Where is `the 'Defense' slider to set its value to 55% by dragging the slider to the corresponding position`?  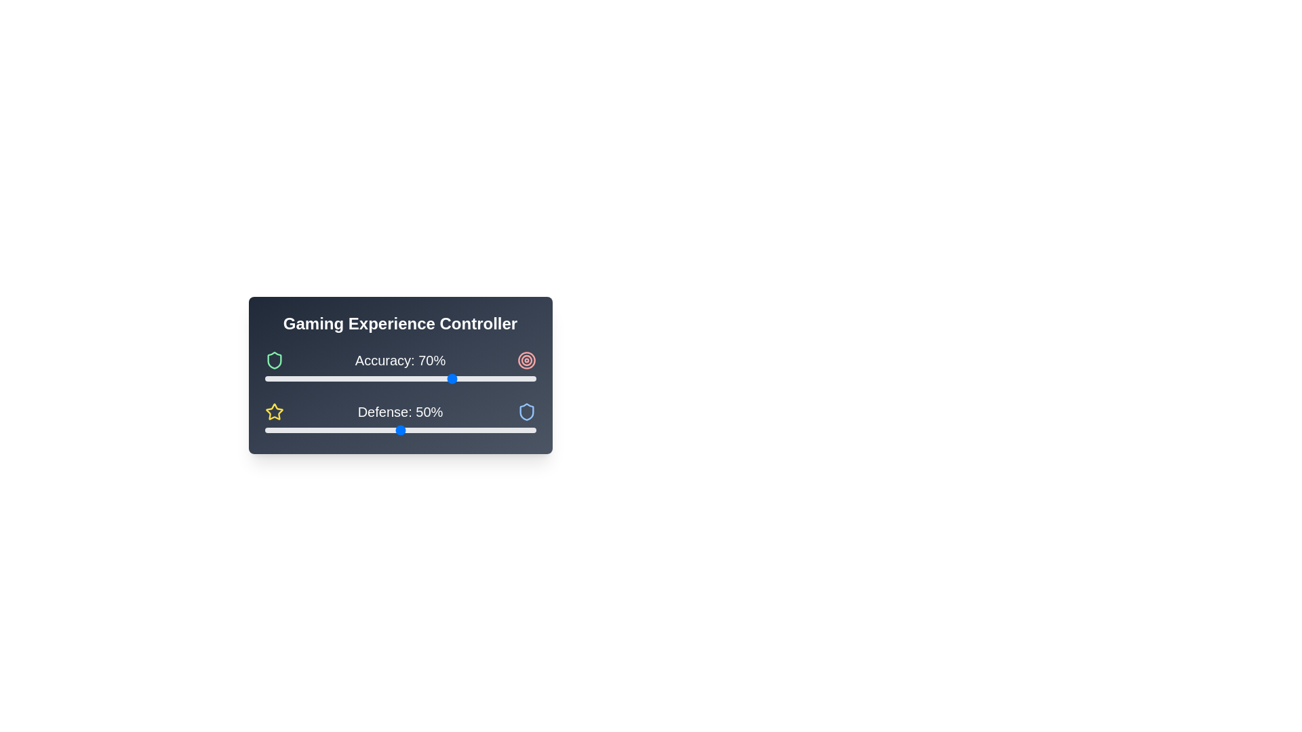 the 'Defense' slider to set its value to 55% by dragging the slider to the corresponding position is located at coordinates (413, 430).